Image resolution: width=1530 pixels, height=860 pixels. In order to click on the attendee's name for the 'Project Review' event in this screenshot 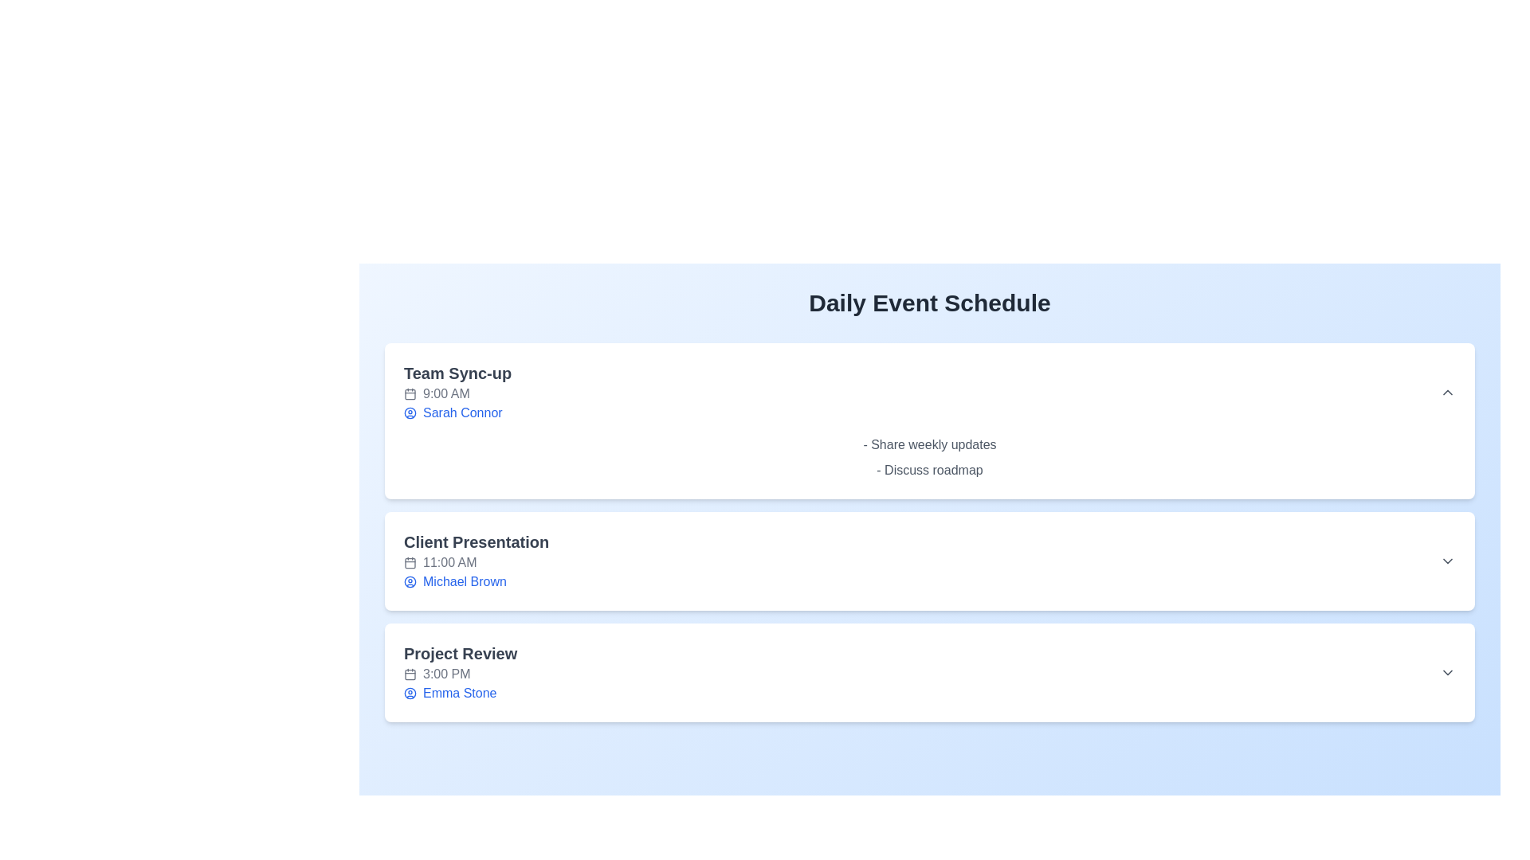, I will do `click(460, 693)`.